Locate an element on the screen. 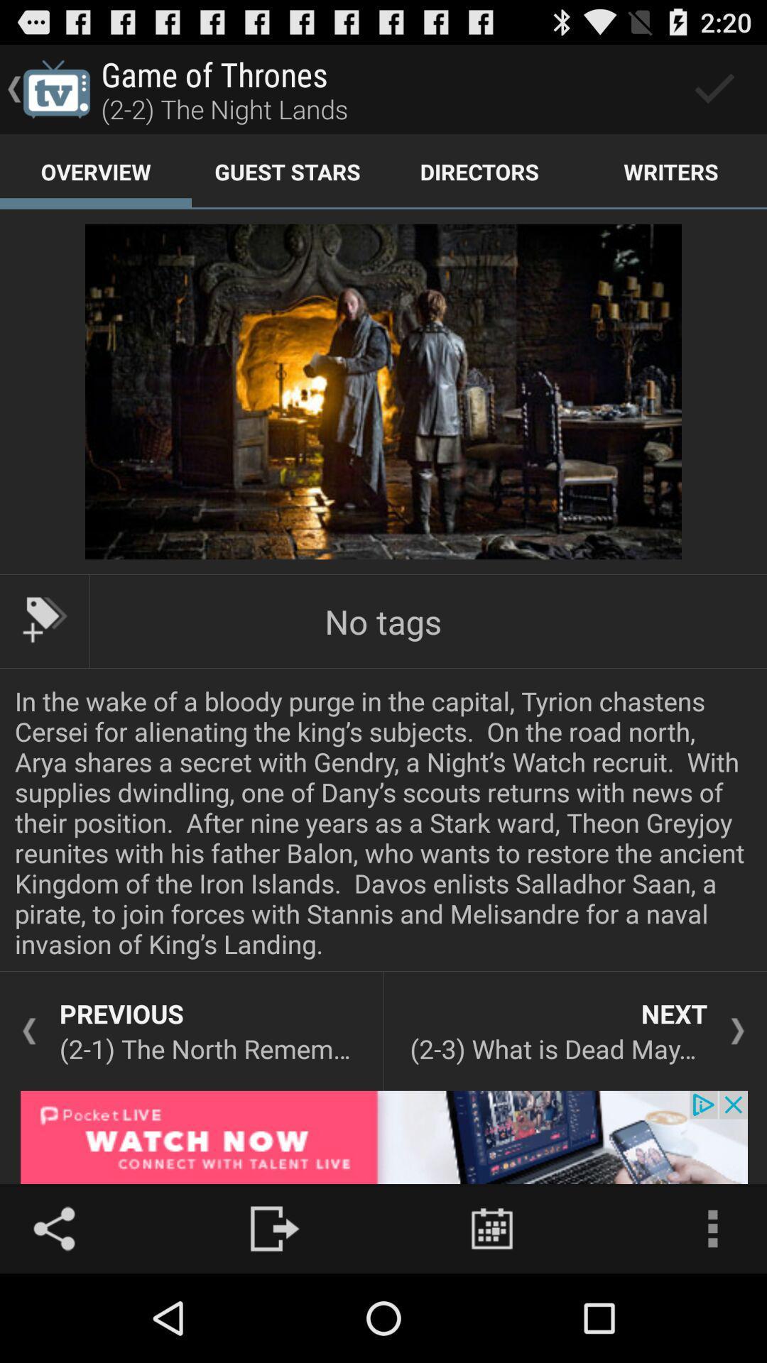 The width and height of the screenshot is (767, 1363). option is located at coordinates (714, 88).